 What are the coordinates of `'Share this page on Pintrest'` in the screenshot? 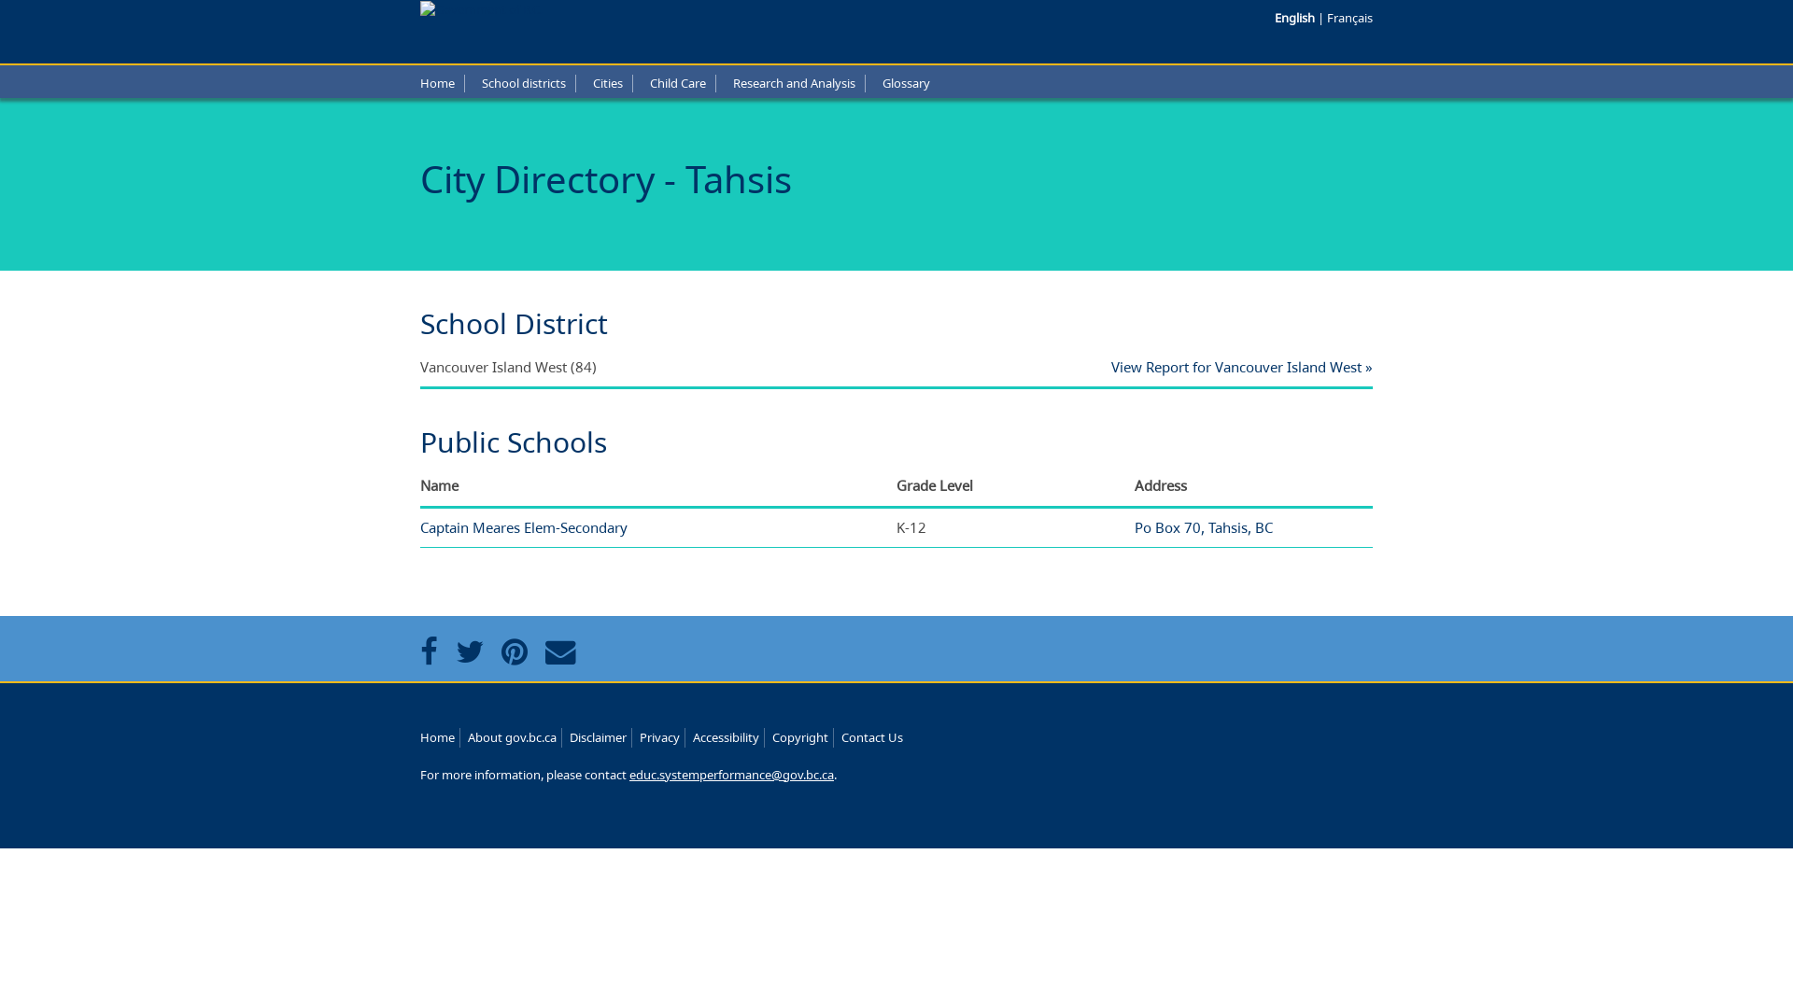 It's located at (519, 650).